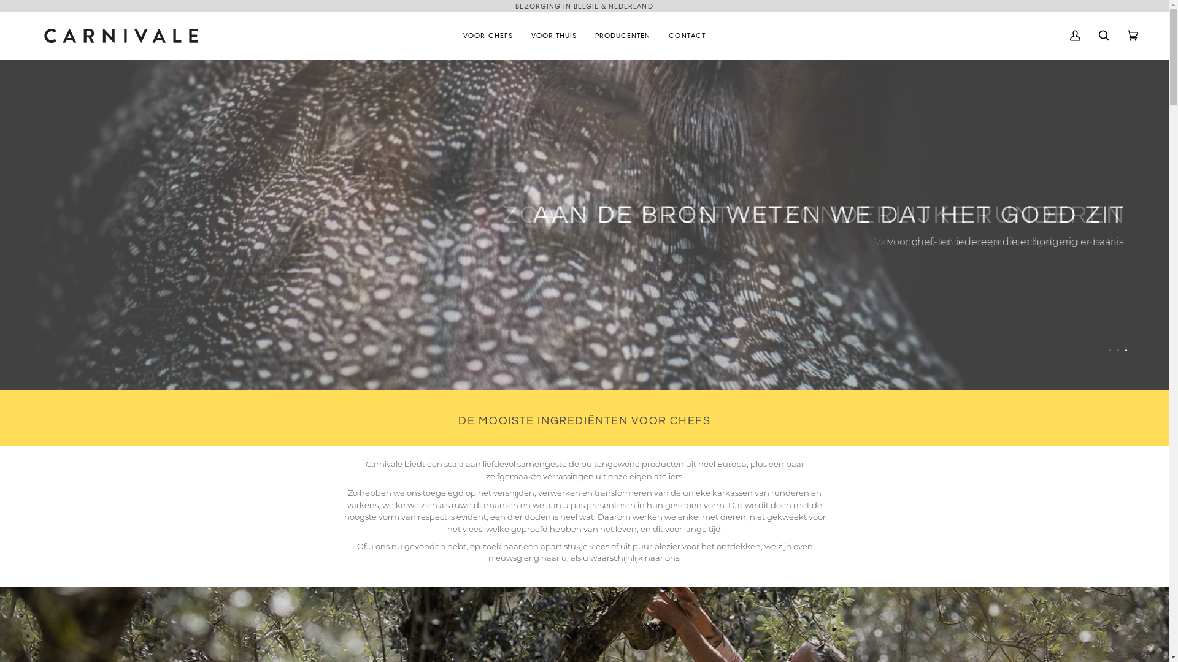 This screenshot has width=1178, height=662. I want to click on 'Zoek', so click(1104, 35).